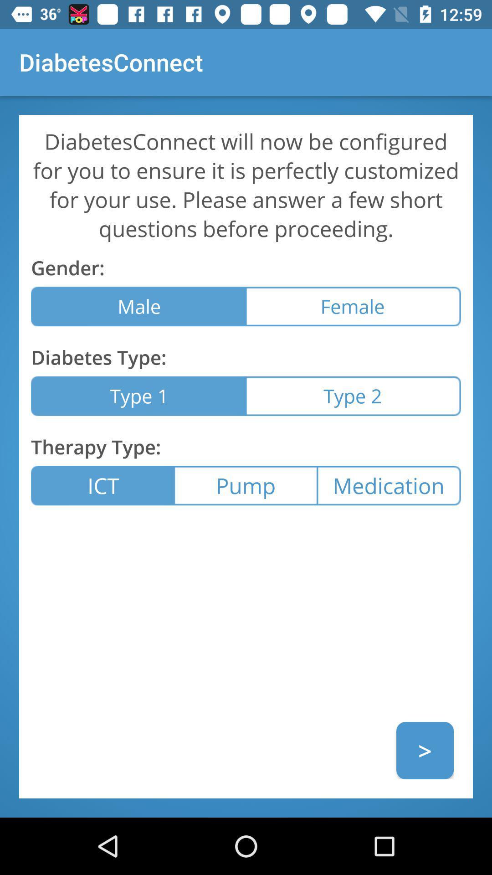 The width and height of the screenshot is (492, 875). I want to click on pump, so click(245, 485).